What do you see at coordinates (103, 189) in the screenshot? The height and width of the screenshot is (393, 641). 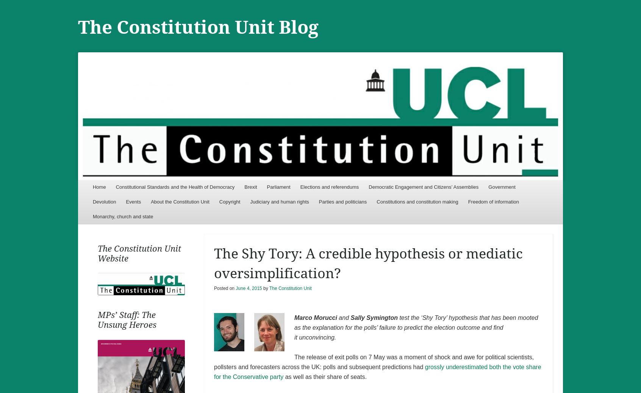 I see `'Menu'` at bounding box center [103, 189].